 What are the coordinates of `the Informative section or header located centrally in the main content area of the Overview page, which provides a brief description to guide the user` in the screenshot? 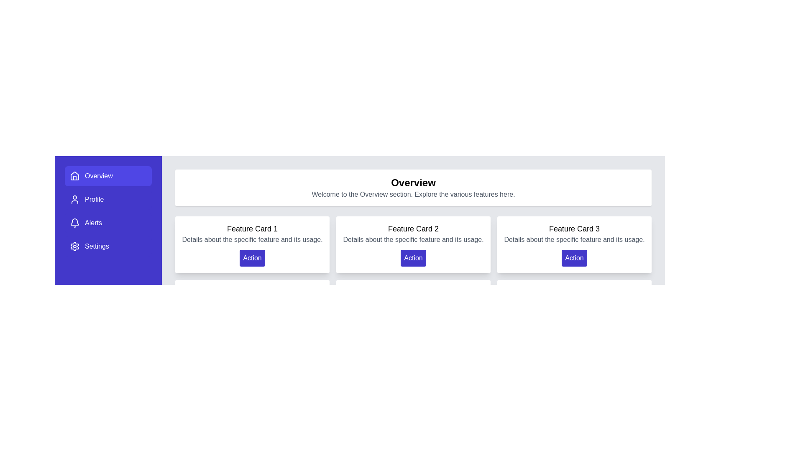 It's located at (413, 187).